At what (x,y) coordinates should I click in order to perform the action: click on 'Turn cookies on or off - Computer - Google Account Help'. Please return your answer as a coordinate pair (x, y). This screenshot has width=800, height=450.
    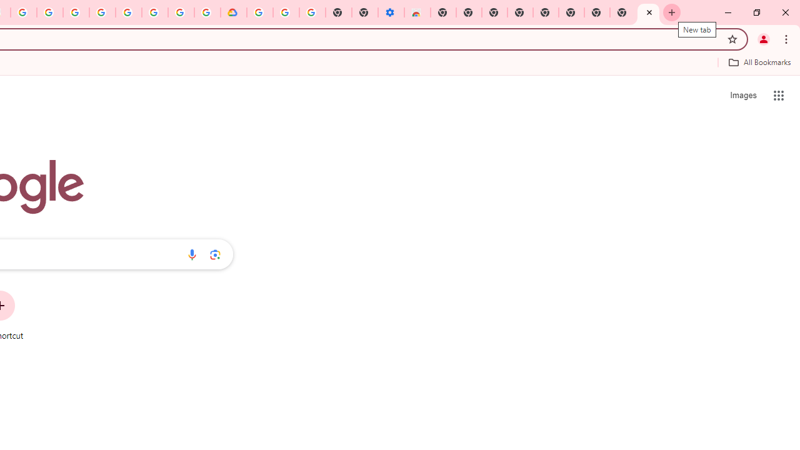
    Looking at the image, I should click on (312, 12).